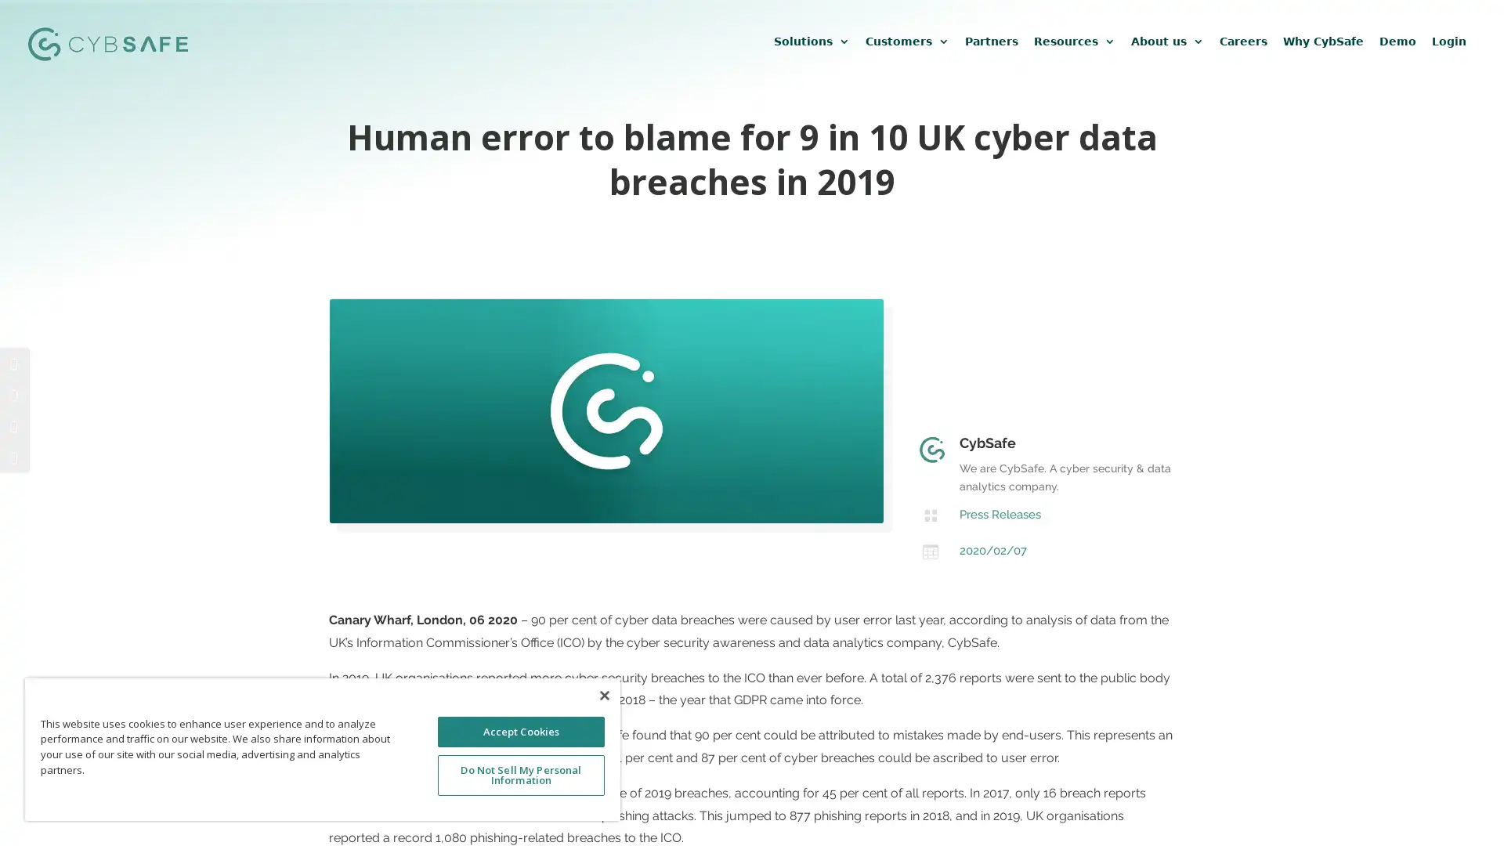 Image resolution: width=1504 pixels, height=846 pixels. I want to click on Do Not Sell My Personal Information, so click(520, 774).